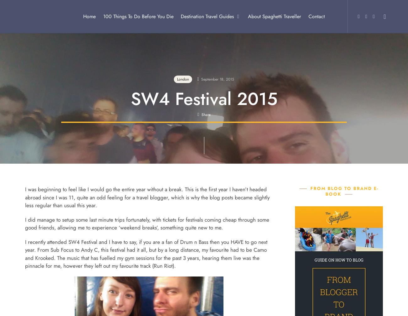 This screenshot has height=316, width=408. What do you see at coordinates (166, 40) in the screenshot?
I see `'Albania'` at bounding box center [166, 40].